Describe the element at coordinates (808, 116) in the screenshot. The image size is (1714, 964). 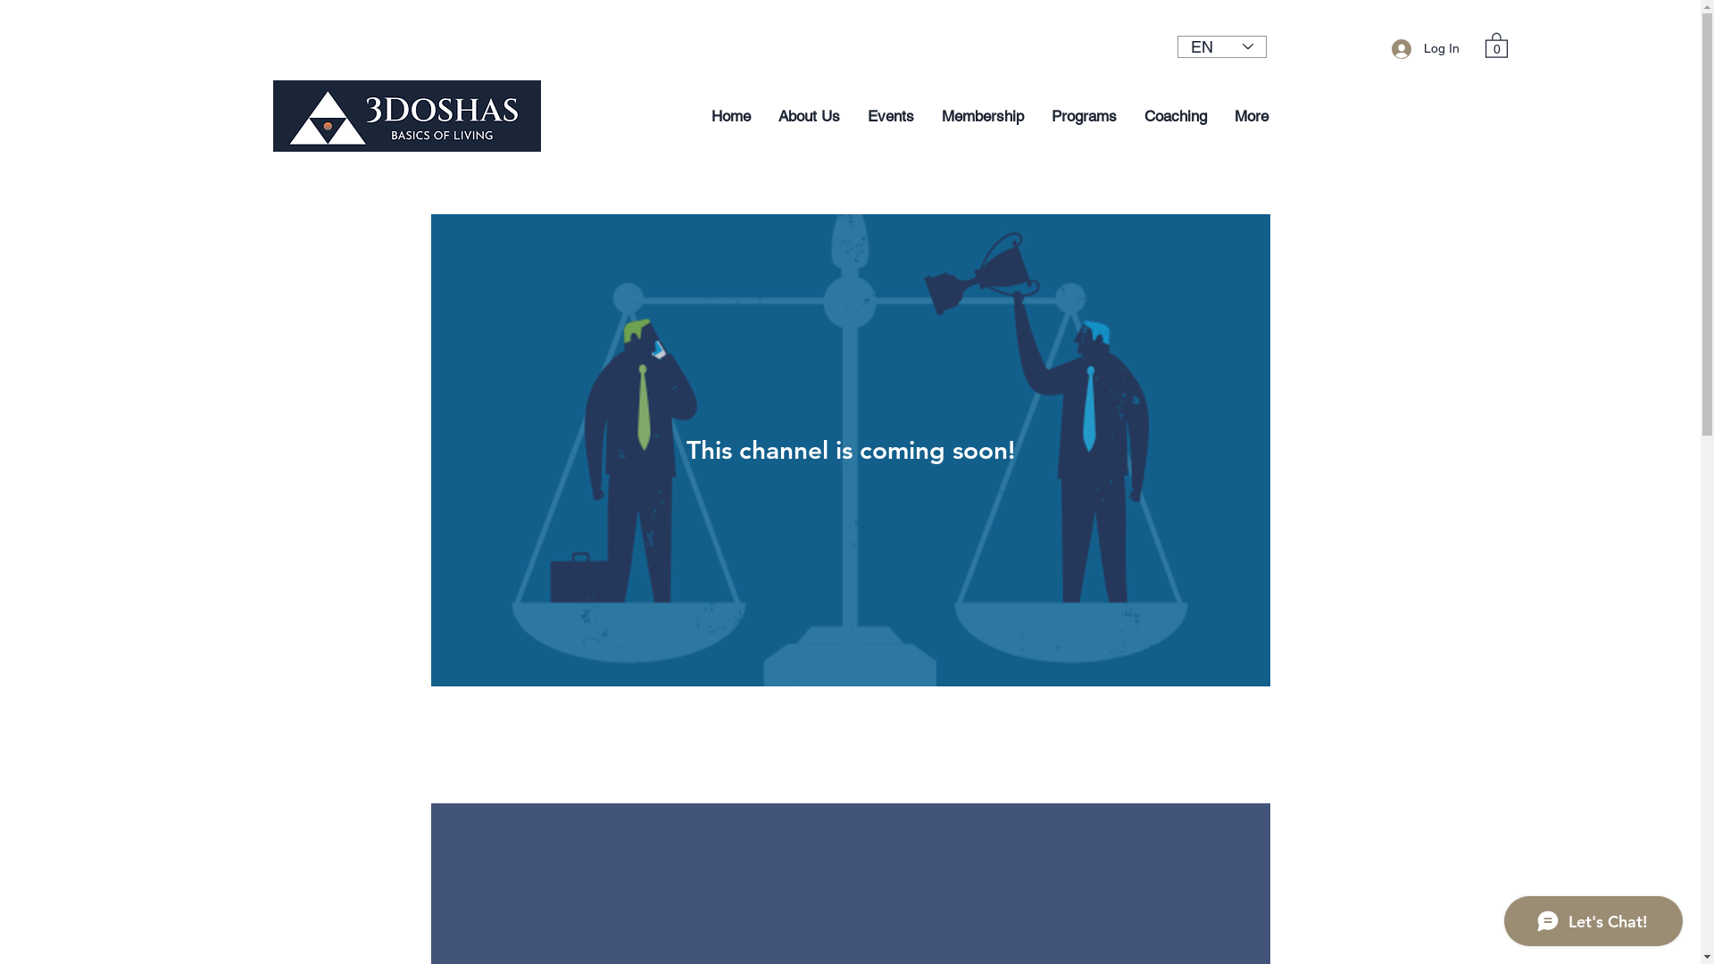
I see `'About Us'` at that location.